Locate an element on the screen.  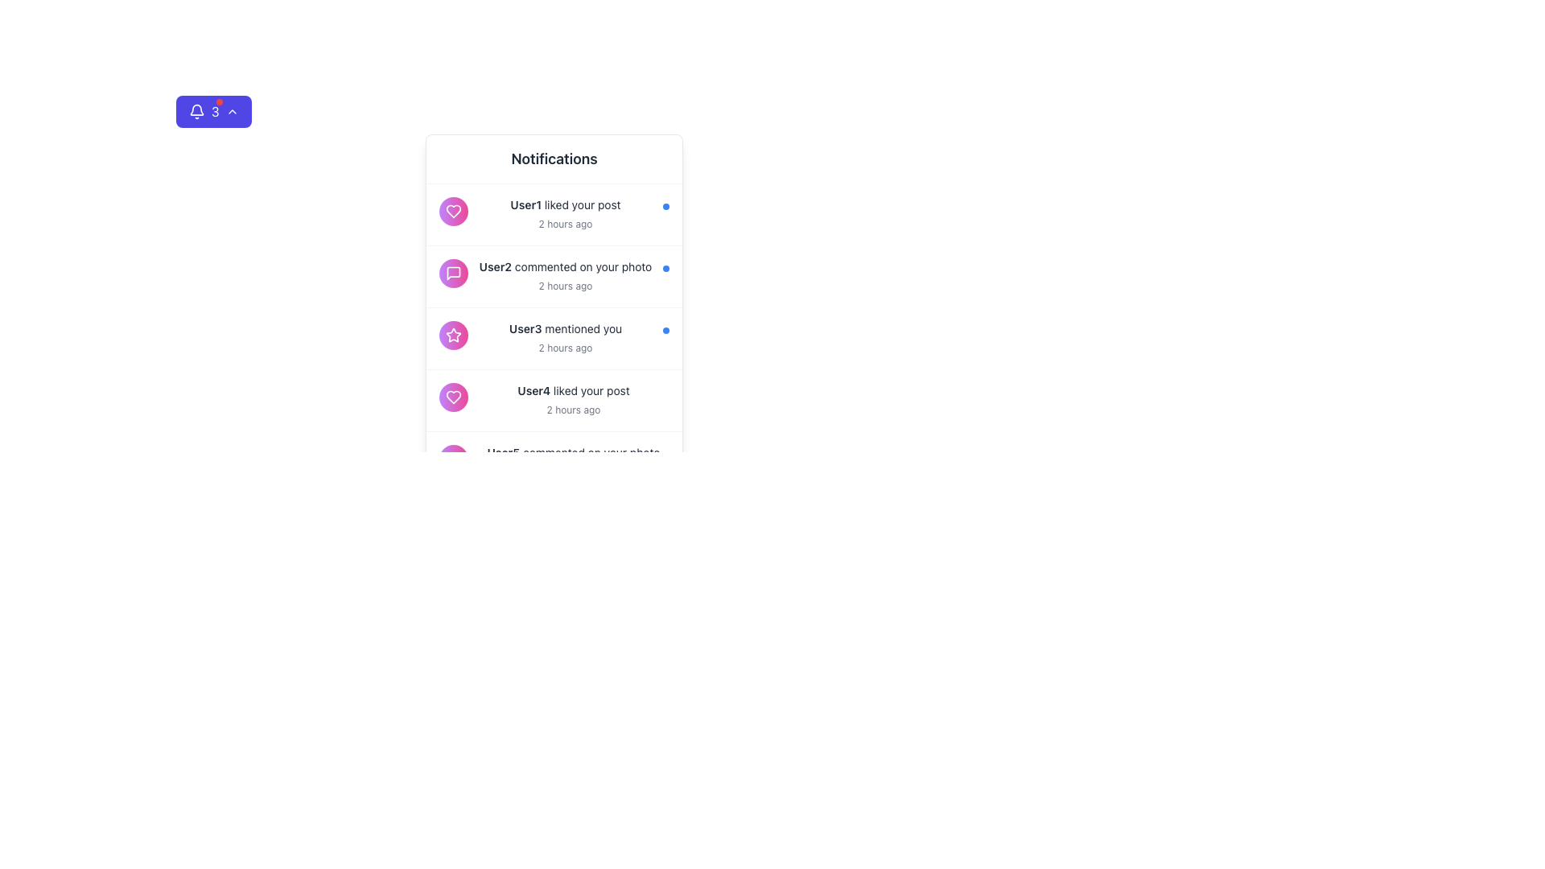
the heart-shaped decorative icon in the fourth row of the notification list that indicates 'User4 liked your post' is located at coordinates (453, 210).